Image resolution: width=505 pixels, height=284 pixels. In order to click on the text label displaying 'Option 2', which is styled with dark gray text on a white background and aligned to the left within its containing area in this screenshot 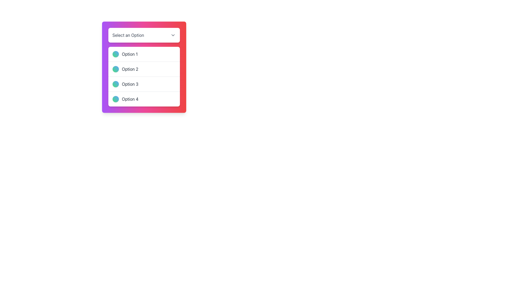, I will do `click(130, 69)`.